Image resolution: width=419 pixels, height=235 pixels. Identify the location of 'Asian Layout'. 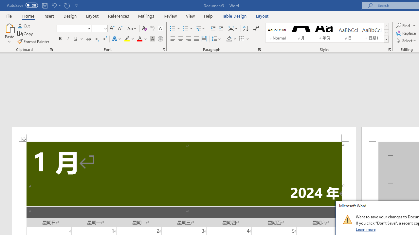
(233, 28).